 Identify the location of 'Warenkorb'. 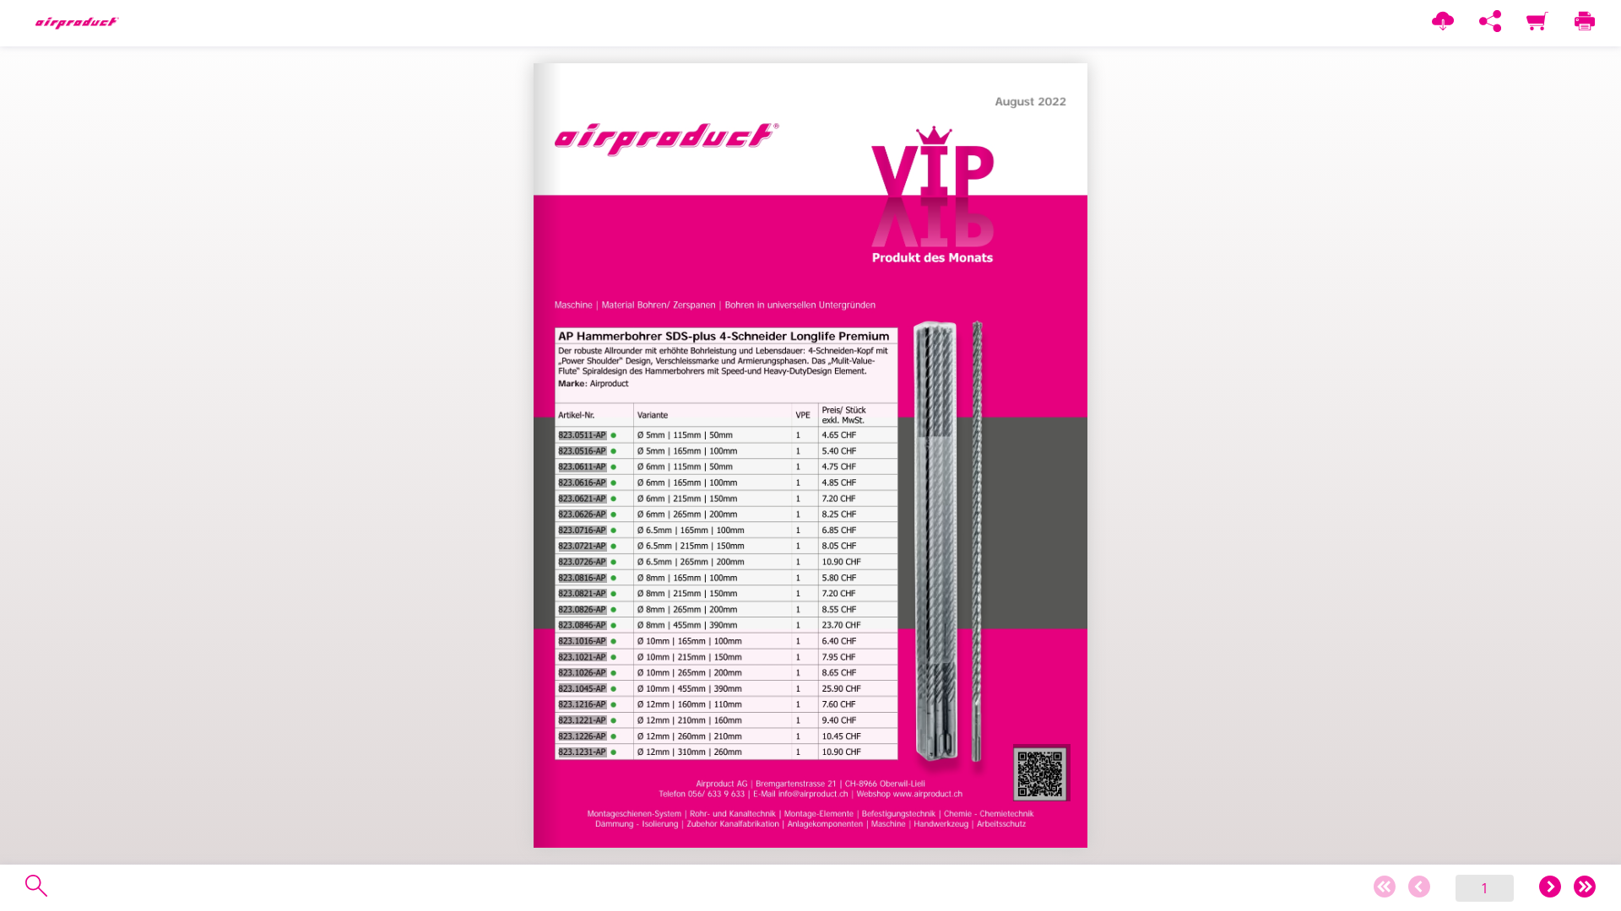
(1537, 22).